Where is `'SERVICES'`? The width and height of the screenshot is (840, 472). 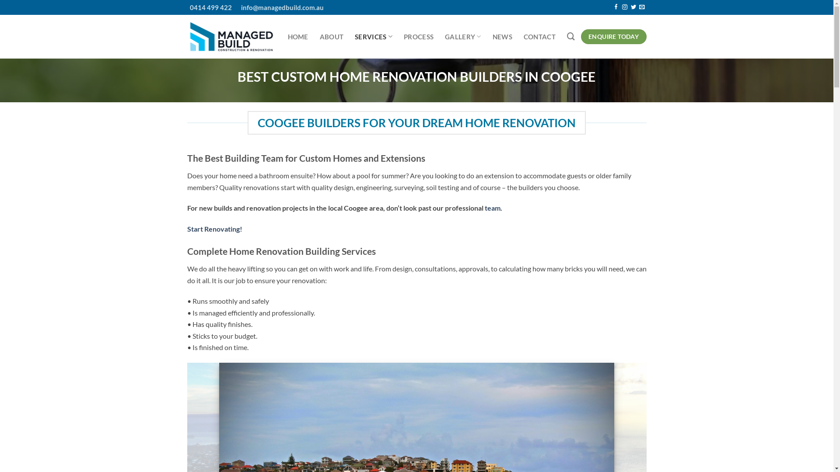 'SERVICES' is located at coordinates (374, 36).